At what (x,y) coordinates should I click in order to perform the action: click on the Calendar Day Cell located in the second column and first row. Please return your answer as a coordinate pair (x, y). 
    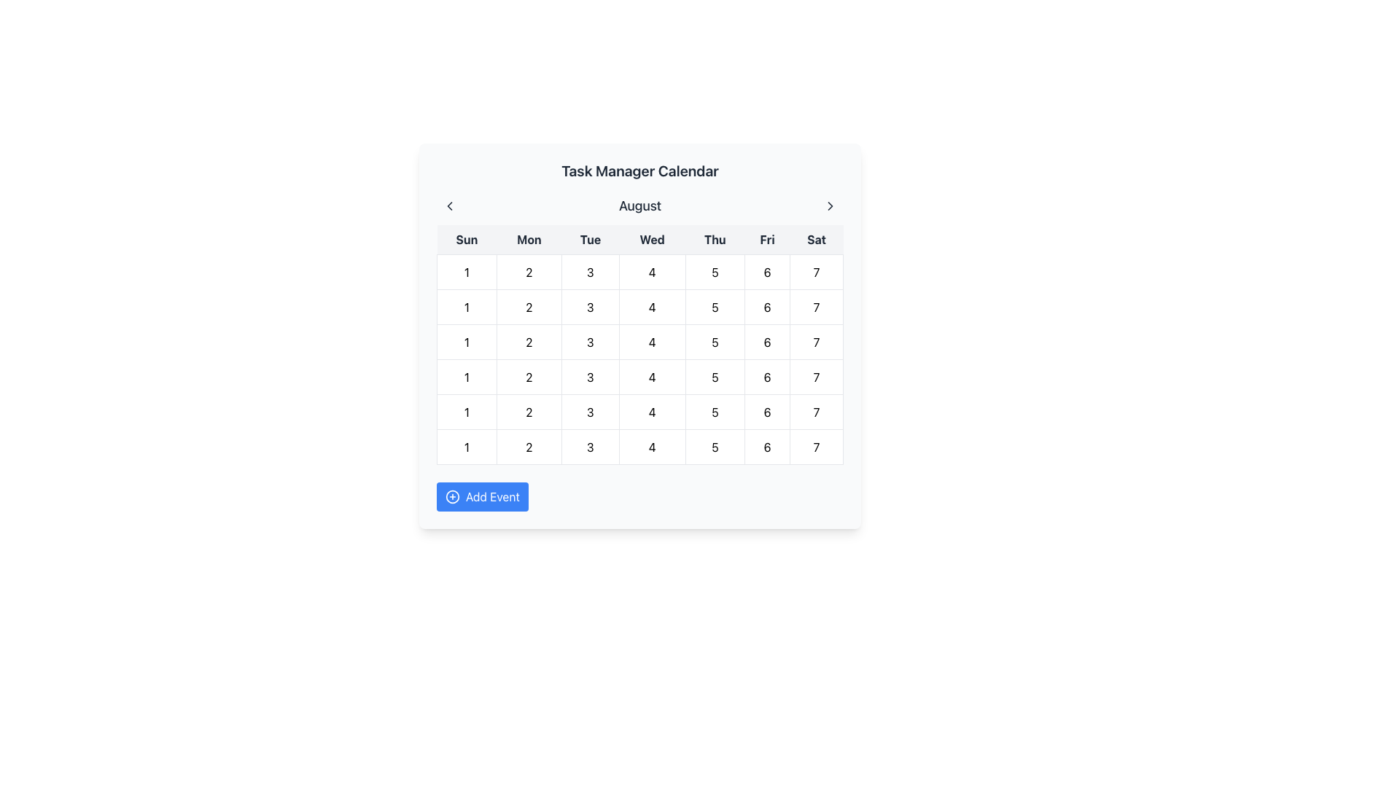
    Looking at the image, I should click on (528, 376).